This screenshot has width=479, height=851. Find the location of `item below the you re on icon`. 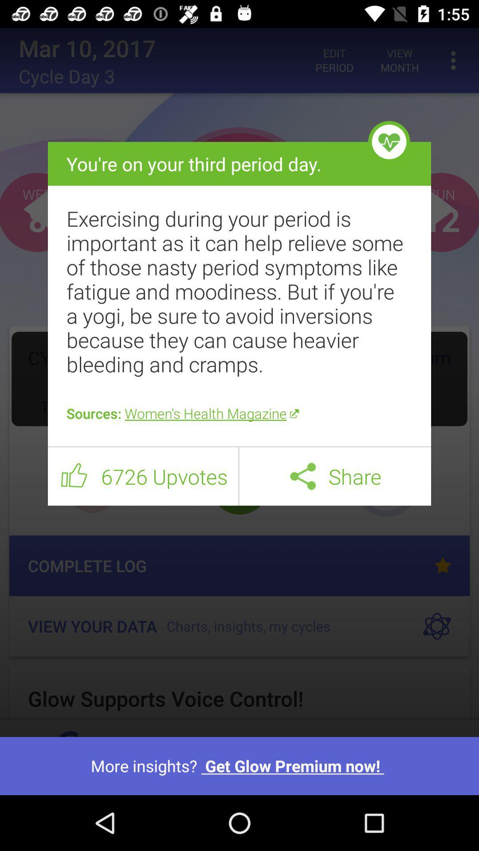

item below the you re on icon is located at coordinates (239, 291).